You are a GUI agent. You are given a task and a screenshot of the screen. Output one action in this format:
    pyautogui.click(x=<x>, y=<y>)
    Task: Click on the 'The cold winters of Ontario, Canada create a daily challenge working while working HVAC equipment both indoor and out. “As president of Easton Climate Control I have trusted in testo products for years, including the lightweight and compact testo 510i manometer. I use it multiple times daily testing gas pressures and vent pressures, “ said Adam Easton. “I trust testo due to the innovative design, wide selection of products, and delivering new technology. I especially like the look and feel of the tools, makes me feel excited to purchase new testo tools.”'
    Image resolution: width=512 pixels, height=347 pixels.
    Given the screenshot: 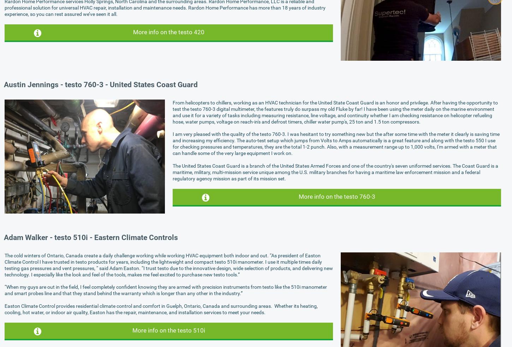 What is the action you would take?
    pyautogui.click(x=168, y=264)
    